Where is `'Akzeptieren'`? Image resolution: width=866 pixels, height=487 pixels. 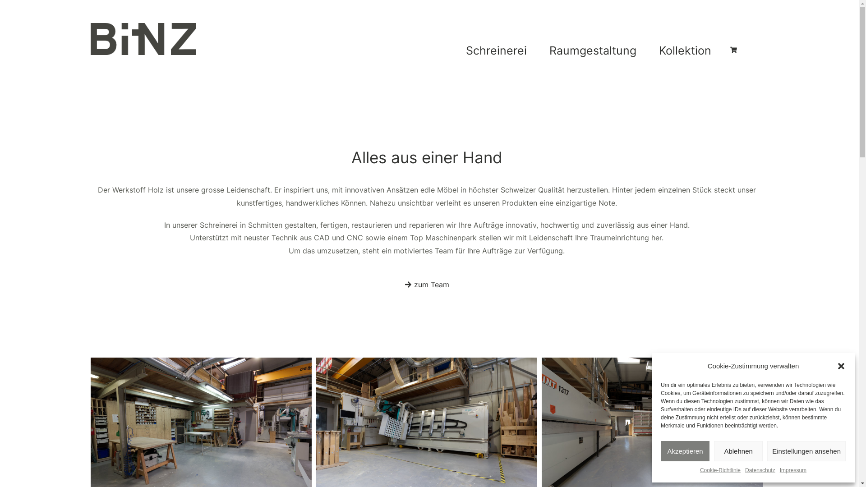 'Akzeptieren' is located at coordinates (660, 451).